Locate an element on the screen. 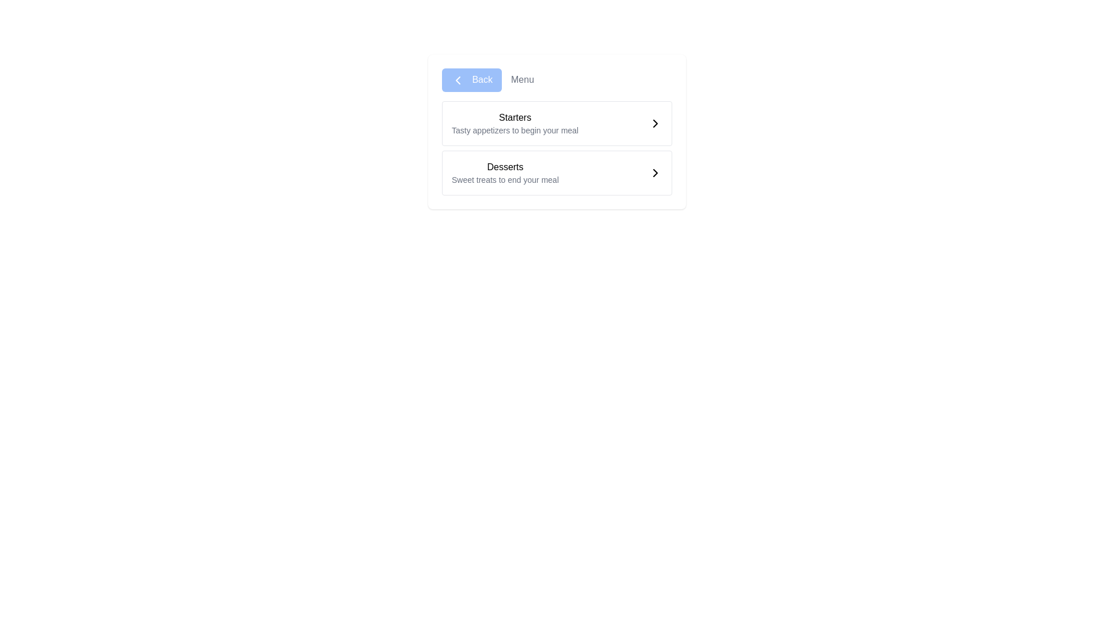 Image resolution: width=1105 pixels, height=621 pixels. the 'Desserts' menu item is located at coordinates (505, 172).